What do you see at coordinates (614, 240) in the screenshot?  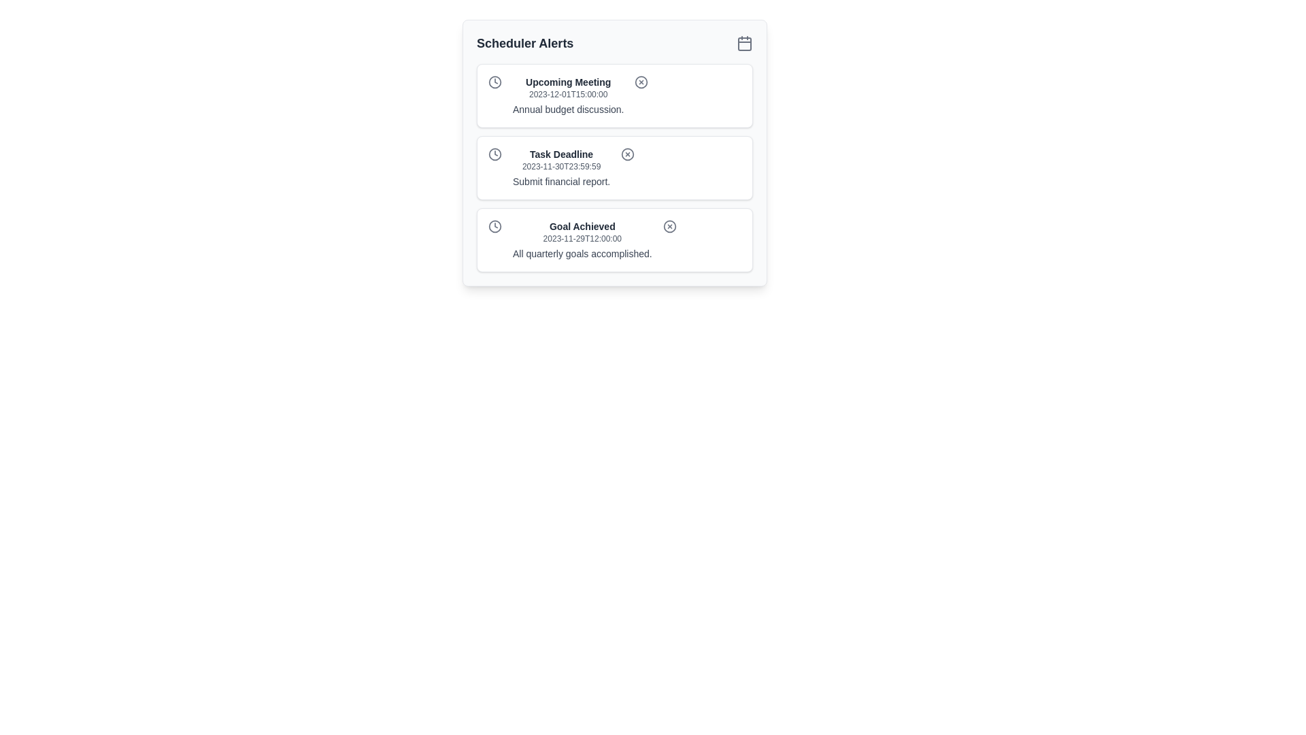 I see `information displayed on the third Informational Card in the 'Scheduler Alerts' section, which provides details about a completed goal` at bounding box center [614, 240].